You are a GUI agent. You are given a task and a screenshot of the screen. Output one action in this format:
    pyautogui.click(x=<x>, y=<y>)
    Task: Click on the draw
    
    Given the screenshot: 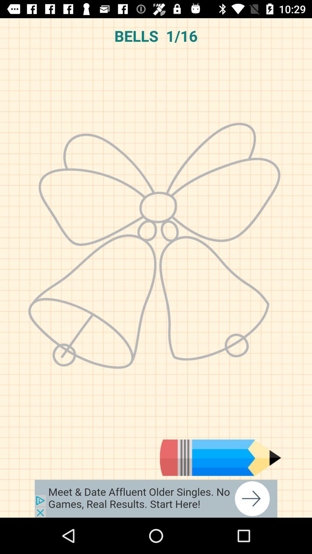 What is the action you would take?
    pyautogui.click(x=220, y=457)
    